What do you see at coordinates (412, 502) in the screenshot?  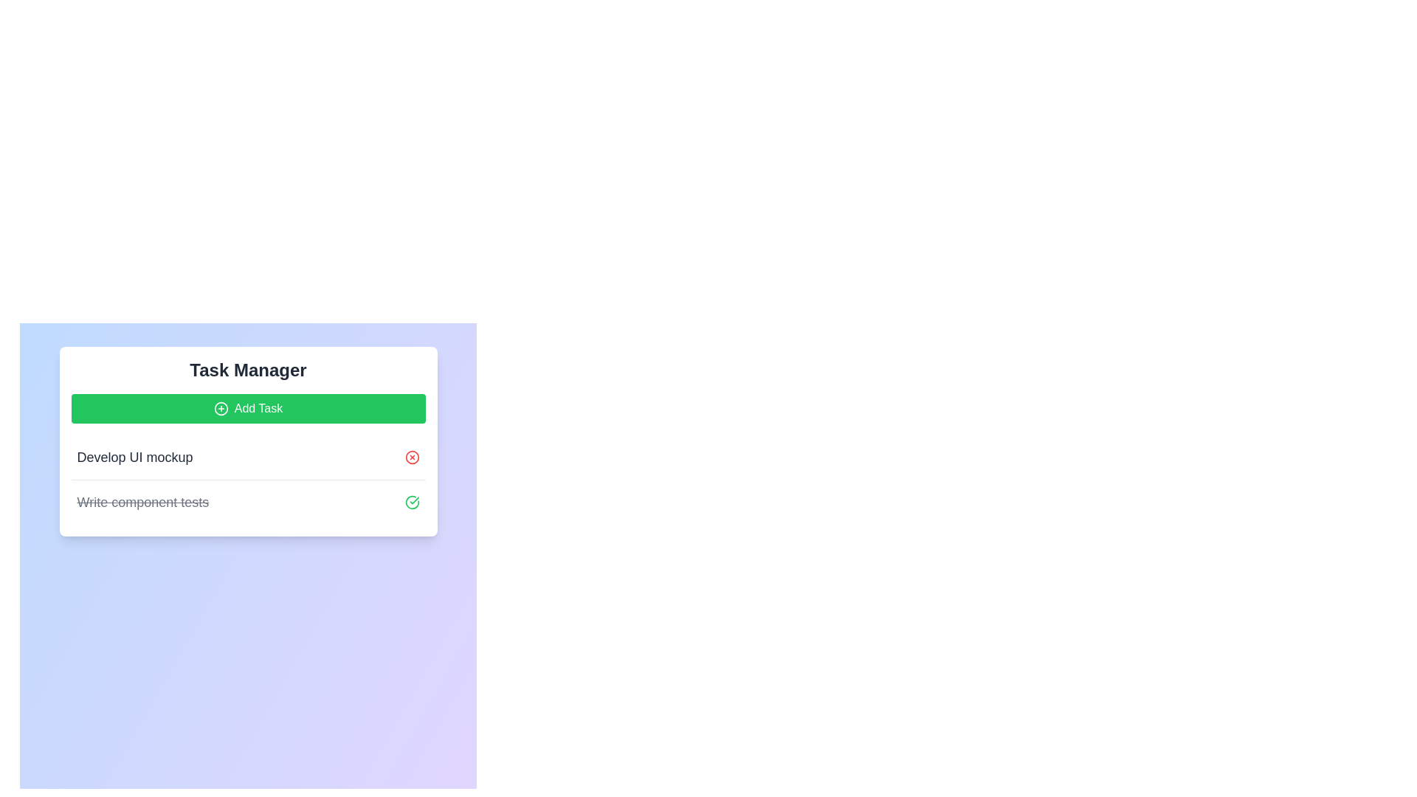 I see `the Checkbox or task completion icon to mark the associated task 'Write component tests' as complete` at bounding box center [412, 502].